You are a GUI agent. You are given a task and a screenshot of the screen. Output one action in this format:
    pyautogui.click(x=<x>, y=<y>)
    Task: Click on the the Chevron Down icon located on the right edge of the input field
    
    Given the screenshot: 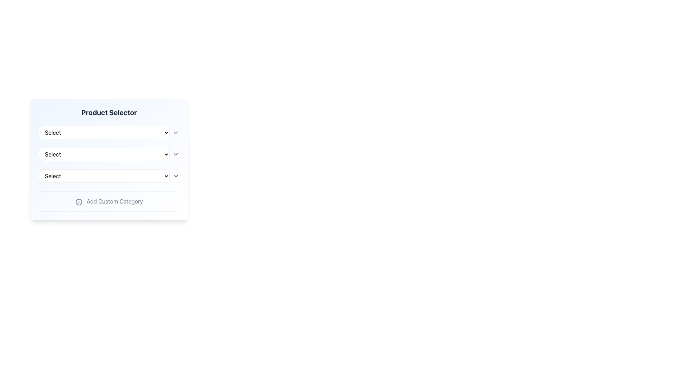 What is the action you would take?
    pyautogui.click(x=176, y=133)
    